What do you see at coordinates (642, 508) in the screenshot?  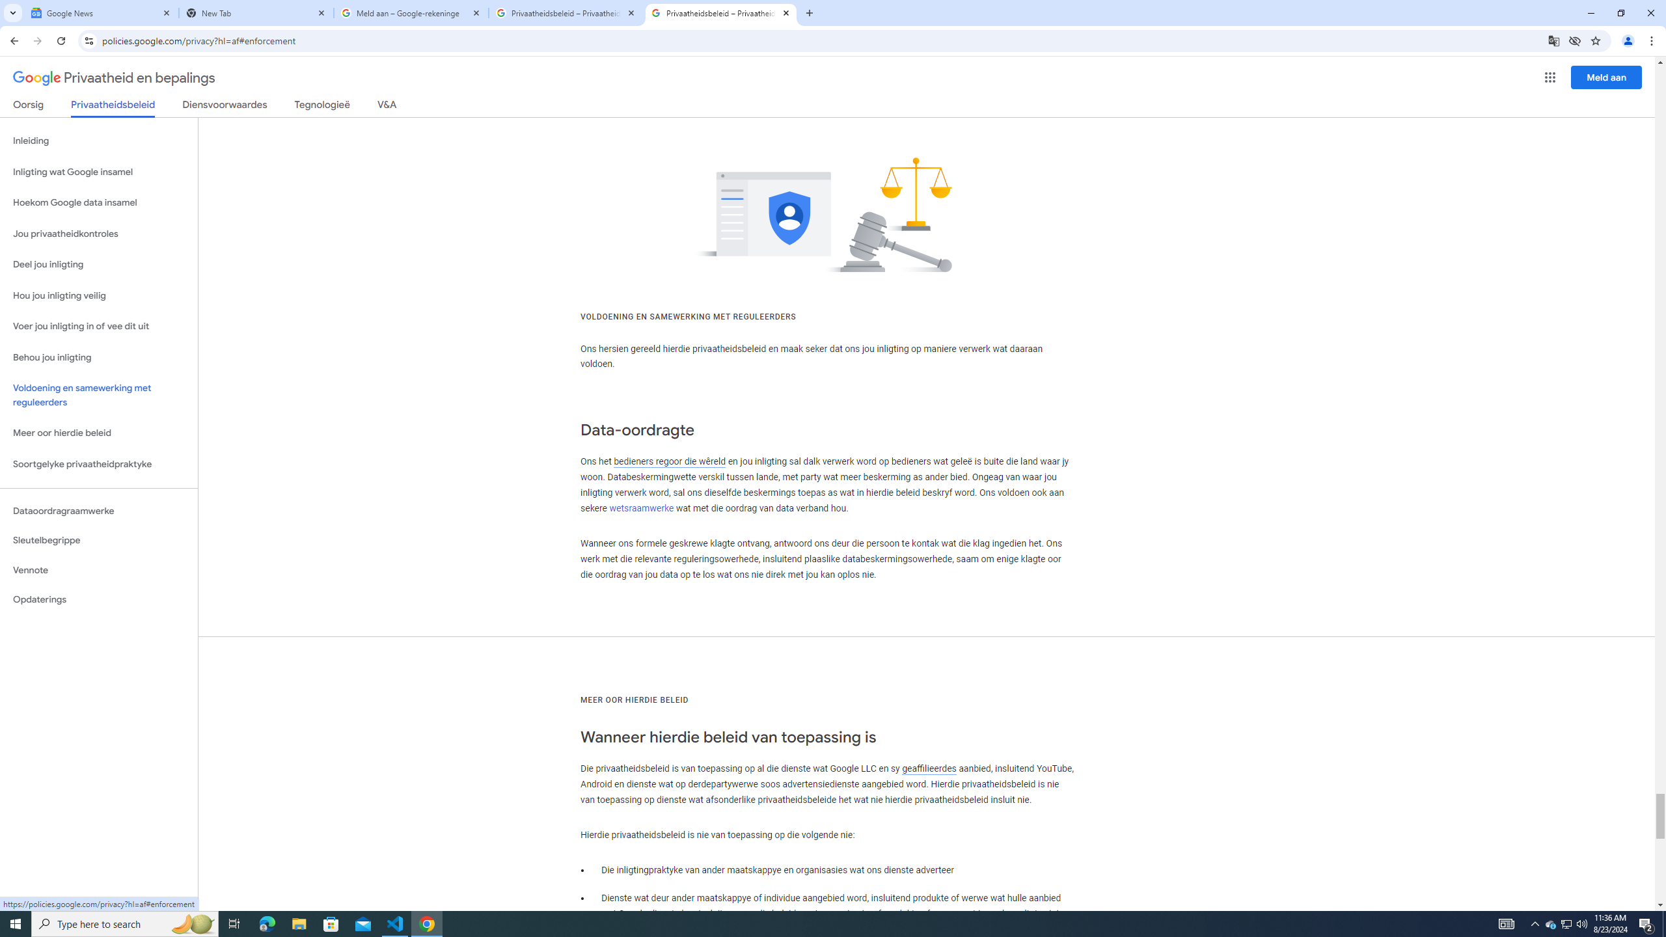 I see `'wetsraamwerke'` at bounding box center [642, 508].